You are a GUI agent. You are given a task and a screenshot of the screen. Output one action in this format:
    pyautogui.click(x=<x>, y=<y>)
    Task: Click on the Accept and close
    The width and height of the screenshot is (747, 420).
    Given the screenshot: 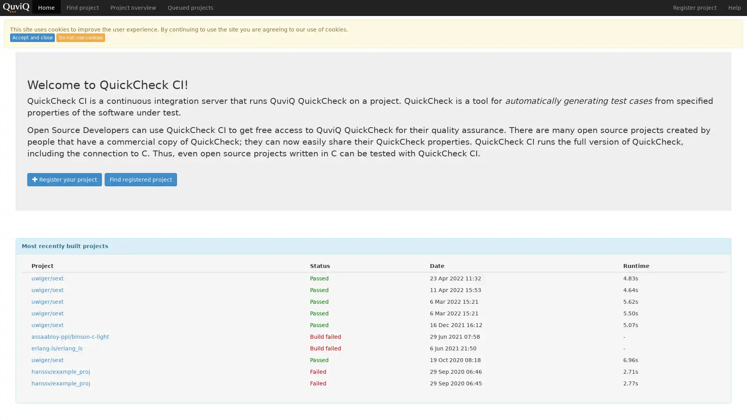 What is the action you would take?
    pyautogui.click(x=32, y=37)
    